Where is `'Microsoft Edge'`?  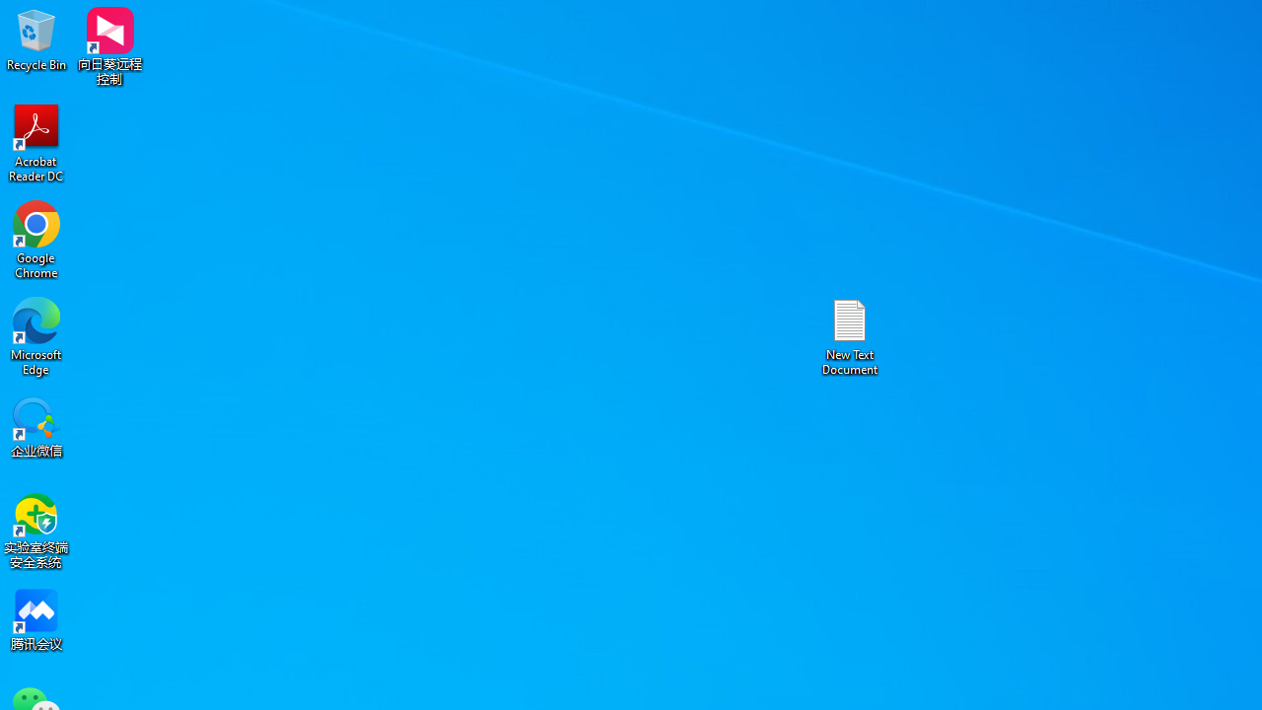 'Microsoft Edge' is located at coordinates (36, 335).